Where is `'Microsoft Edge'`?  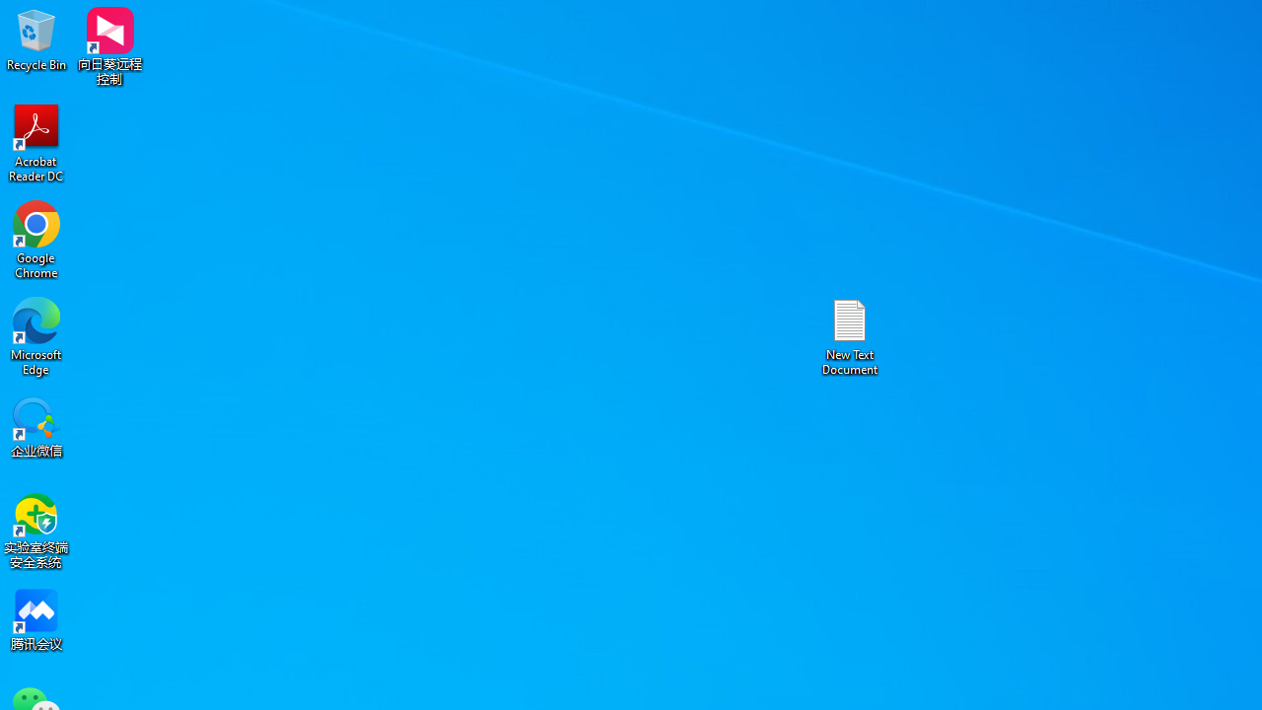 'Microsoft Edge' is located at coordinates (36, 335).